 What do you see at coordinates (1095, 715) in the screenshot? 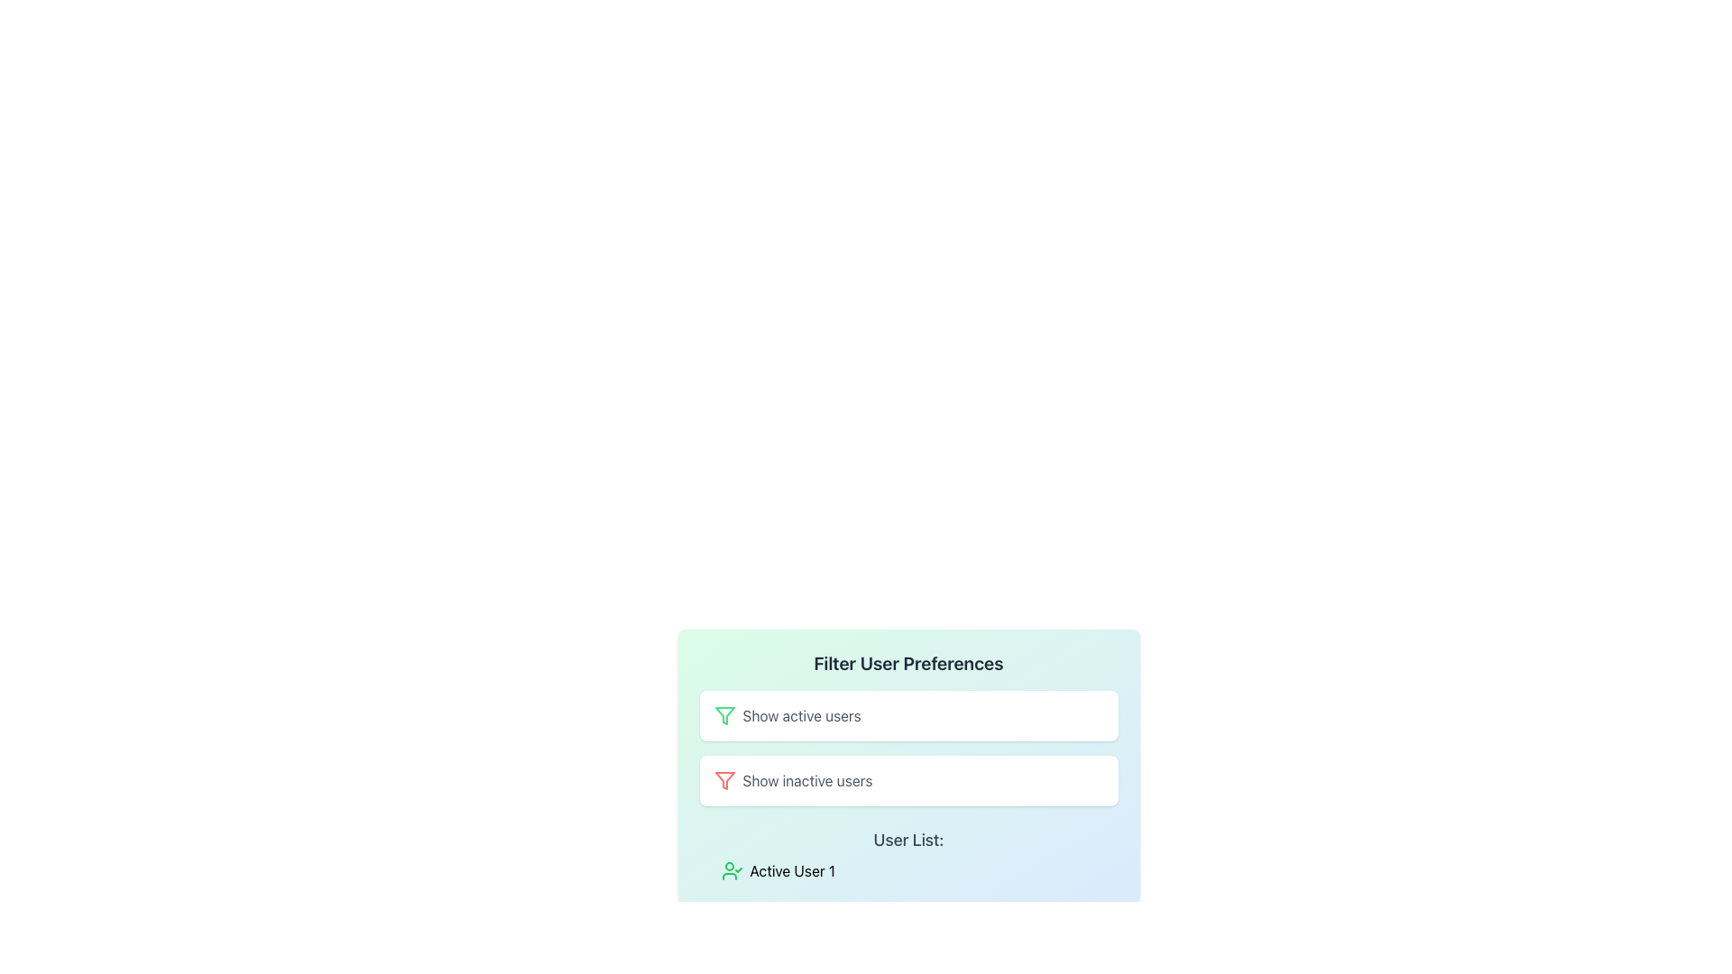
I see `the toggle lever of the switch component located on the far right of the blue rectangular bar` at bounding box center [1095, 715].